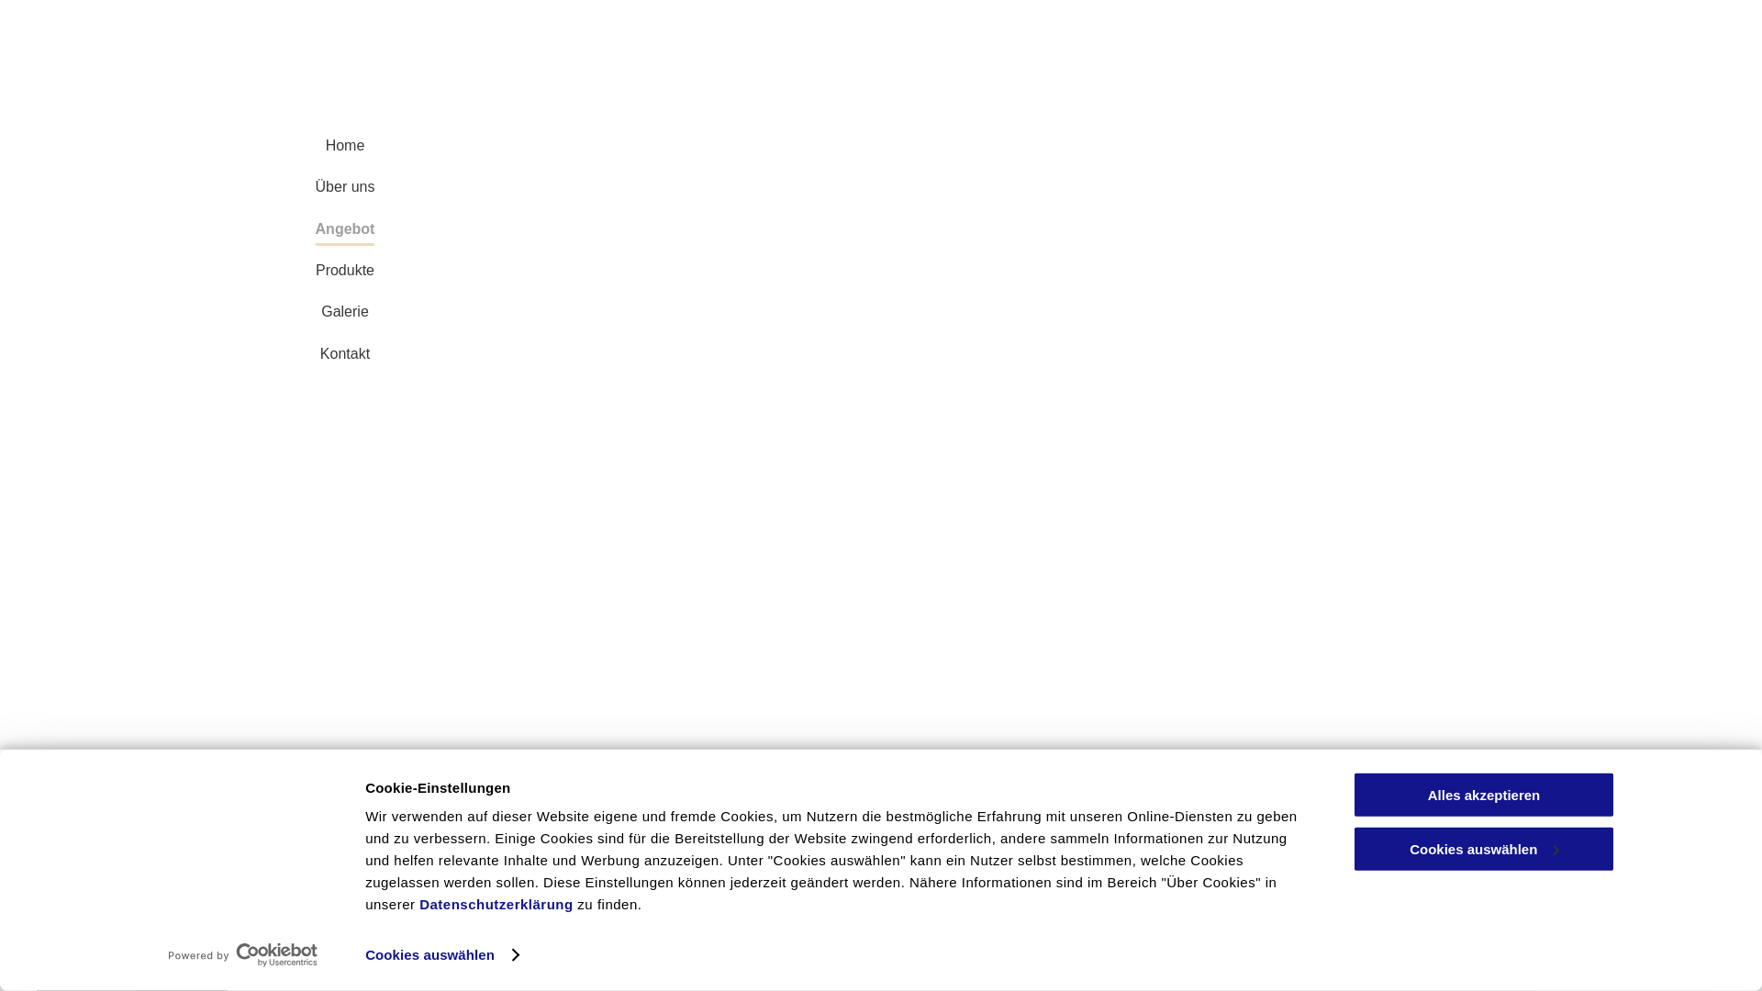 Image resolution: width=1762 pixels, height=991 pixels. I want to click on 'Angebot', so click(344, 228).